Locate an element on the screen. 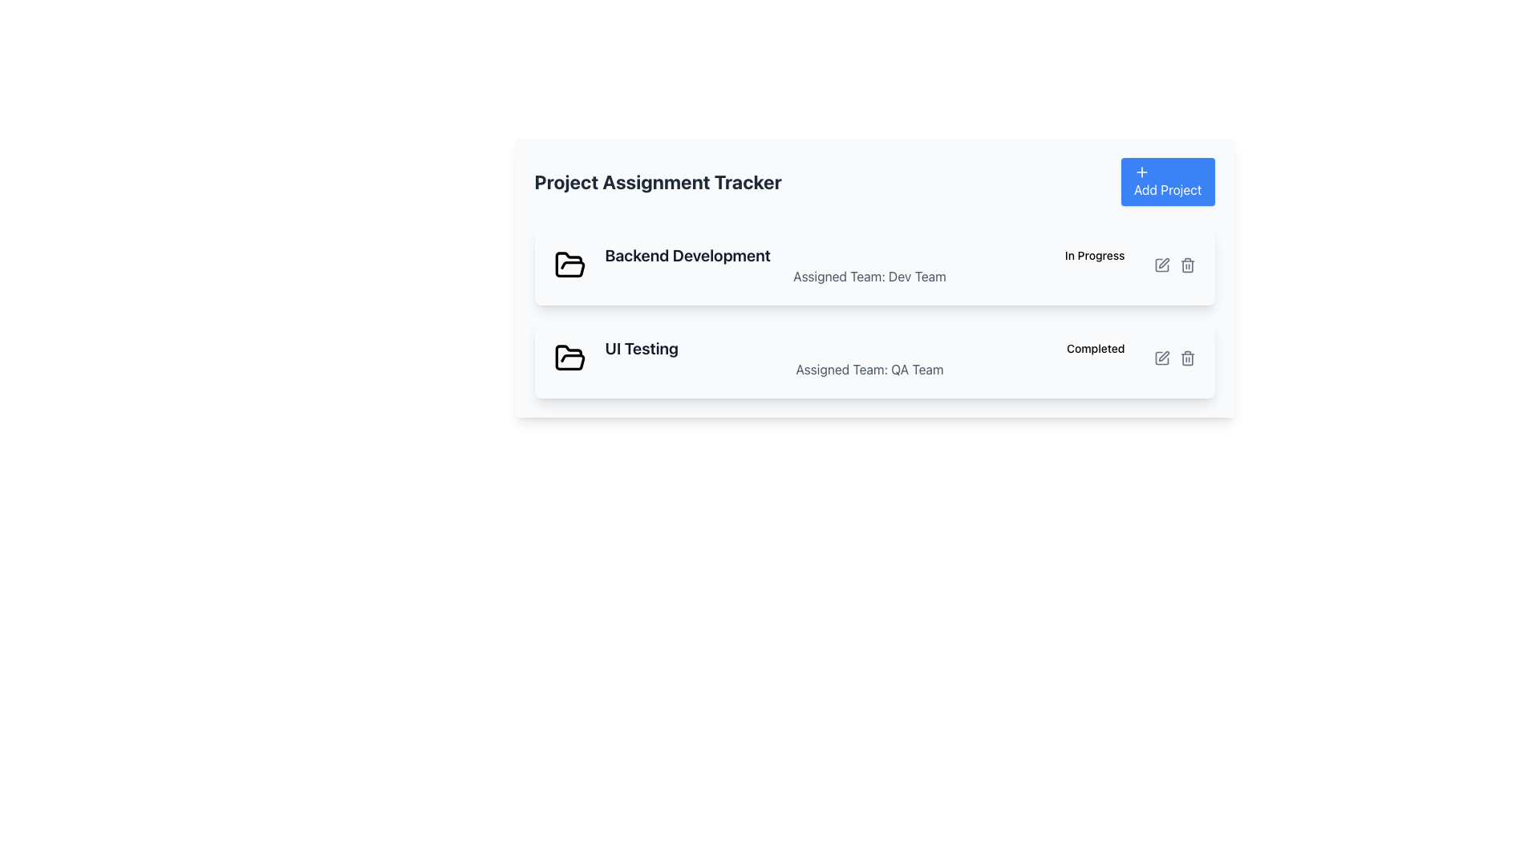  the pen icon in the second project status row, located to the right of the 'In Progress' label is located at coordinates (1163, 262).